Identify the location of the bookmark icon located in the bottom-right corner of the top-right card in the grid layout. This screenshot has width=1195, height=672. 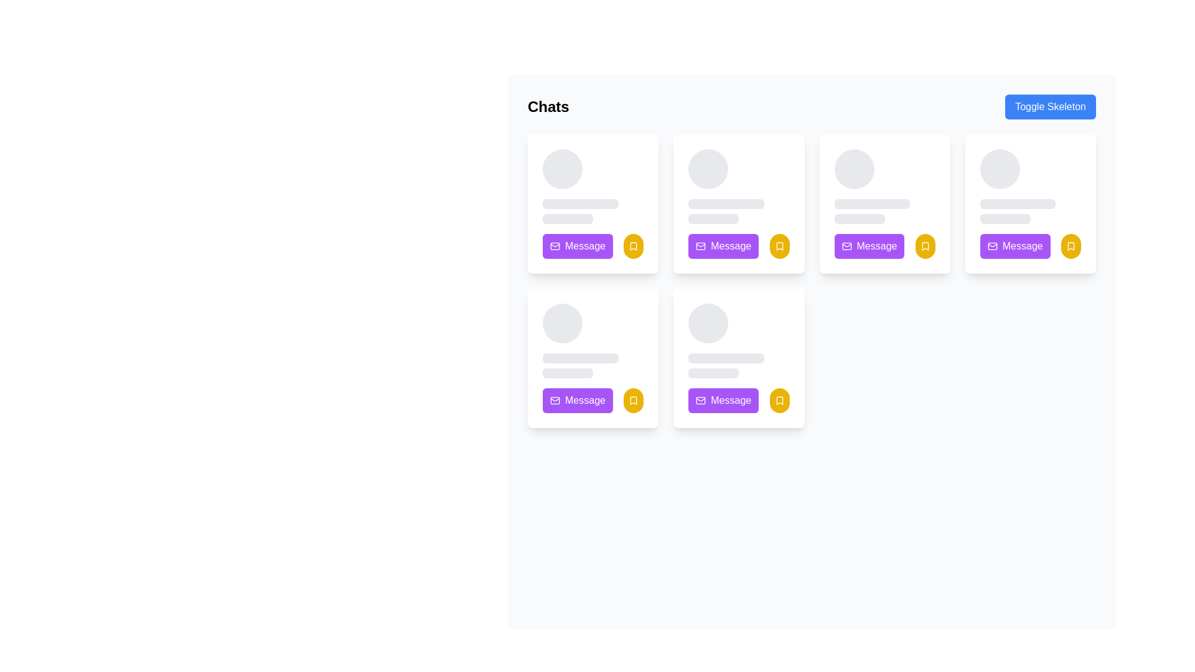
(1071, 246).